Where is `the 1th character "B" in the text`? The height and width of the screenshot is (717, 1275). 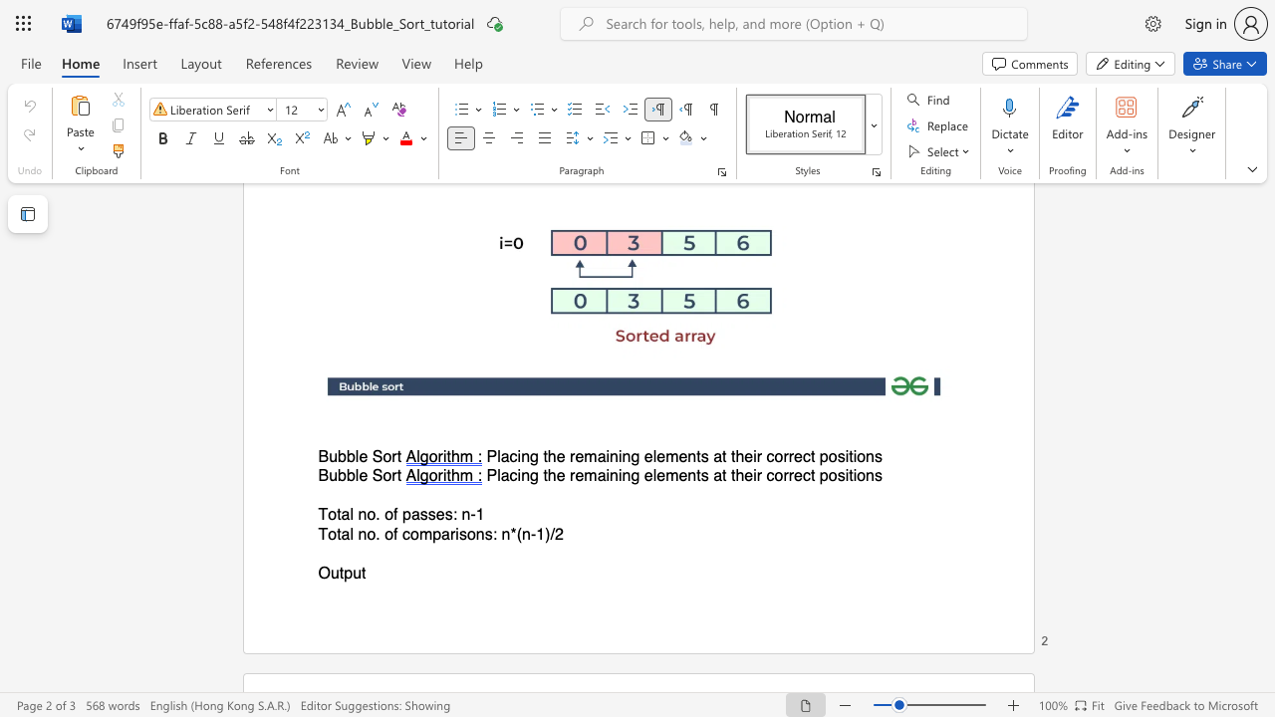
the 1th character "B" in the text is located at coordinates (323, 476).